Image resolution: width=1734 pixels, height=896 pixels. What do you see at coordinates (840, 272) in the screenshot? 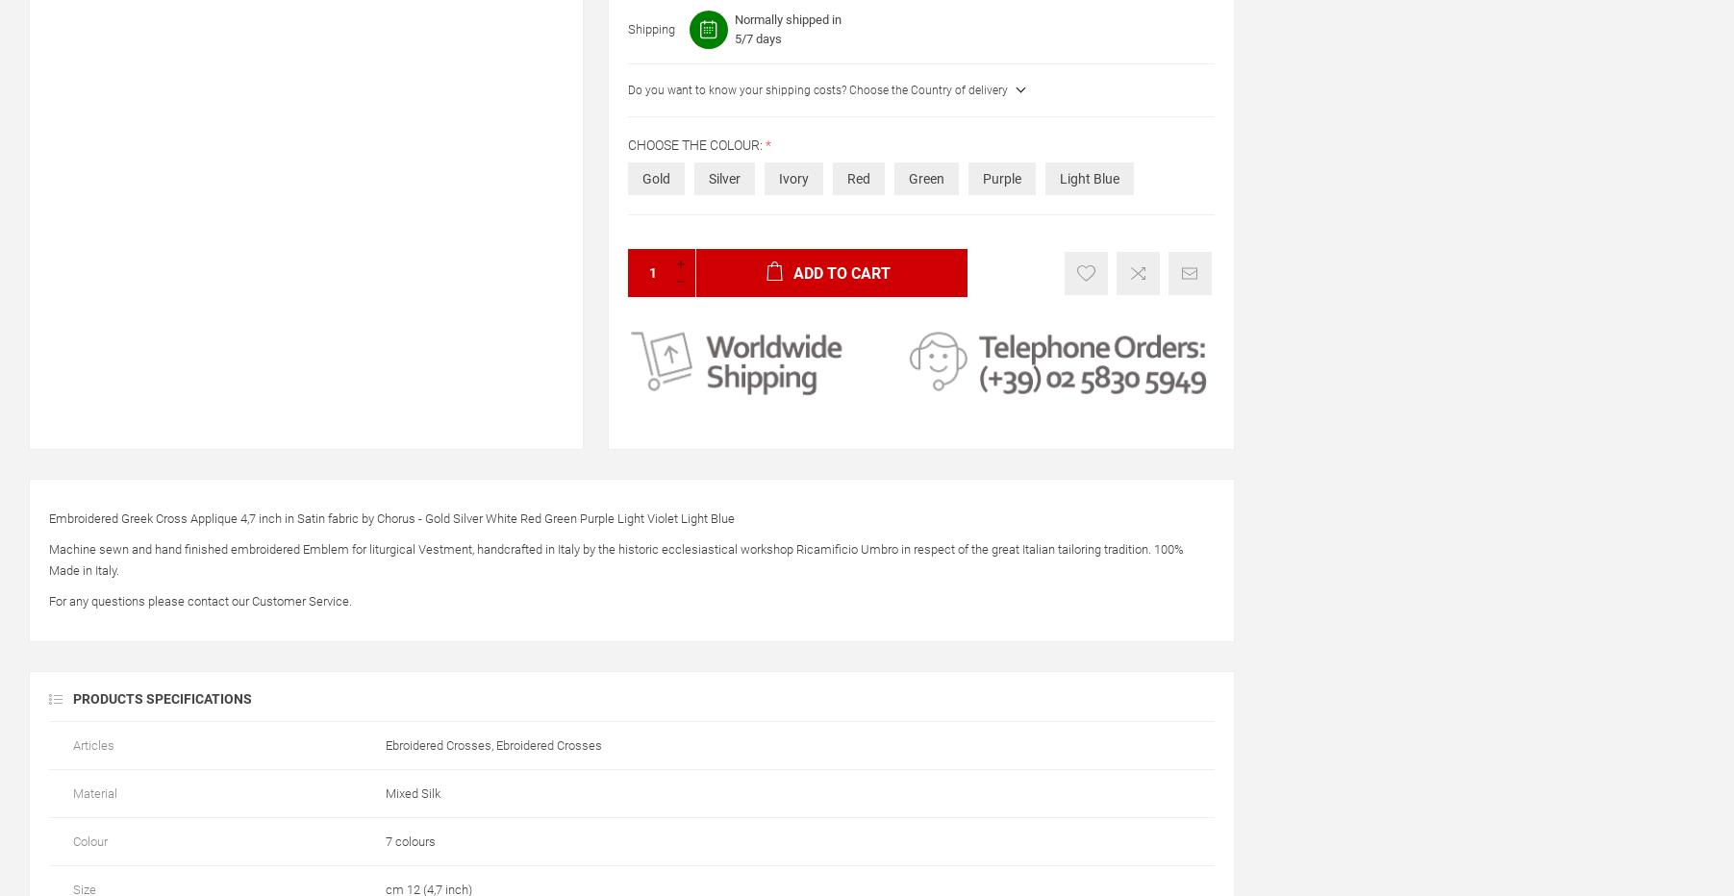
I see `'Add to cart'` at bounding box center [840, 272].